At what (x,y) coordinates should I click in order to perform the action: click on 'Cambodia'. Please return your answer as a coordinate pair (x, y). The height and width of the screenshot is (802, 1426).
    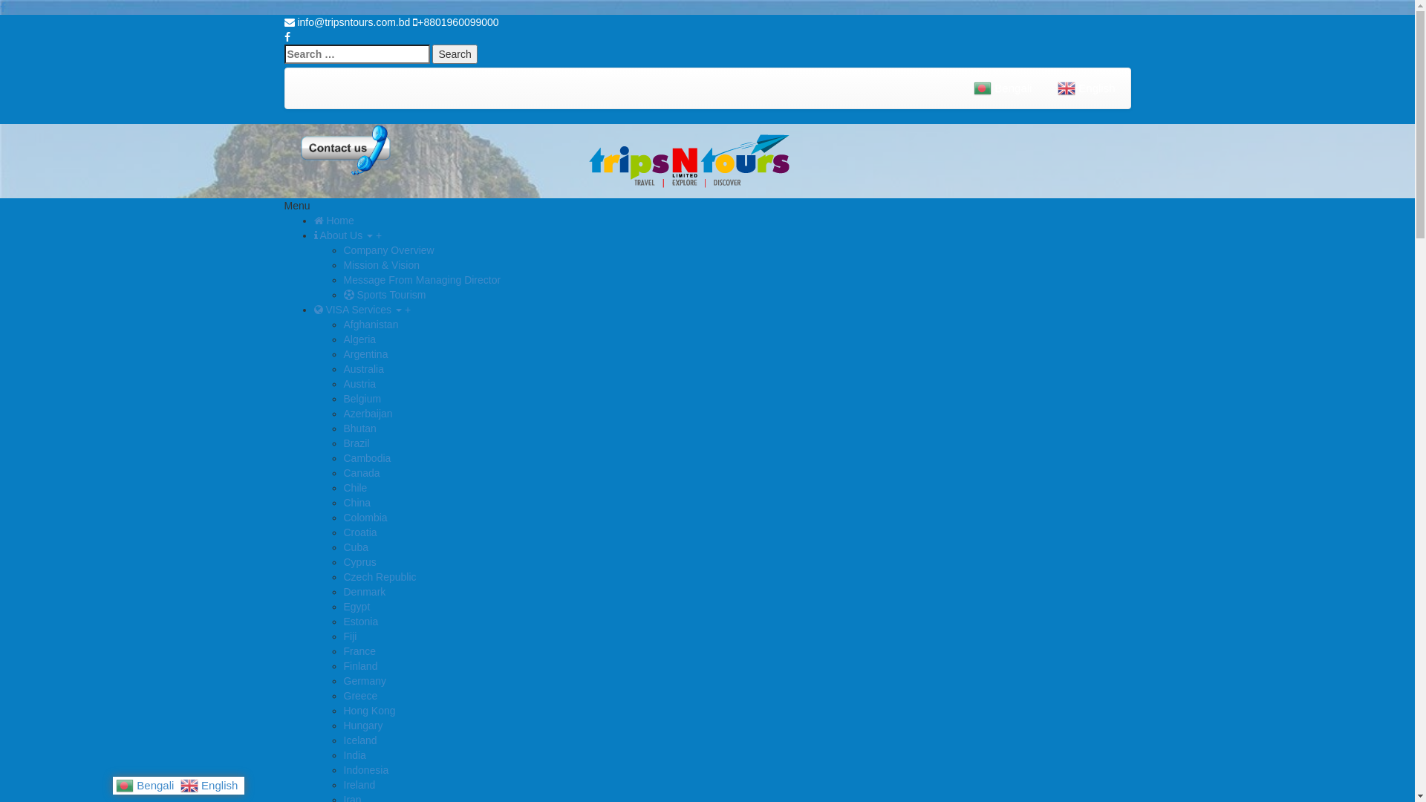
    Looking at the image, I should click on (367, 457).